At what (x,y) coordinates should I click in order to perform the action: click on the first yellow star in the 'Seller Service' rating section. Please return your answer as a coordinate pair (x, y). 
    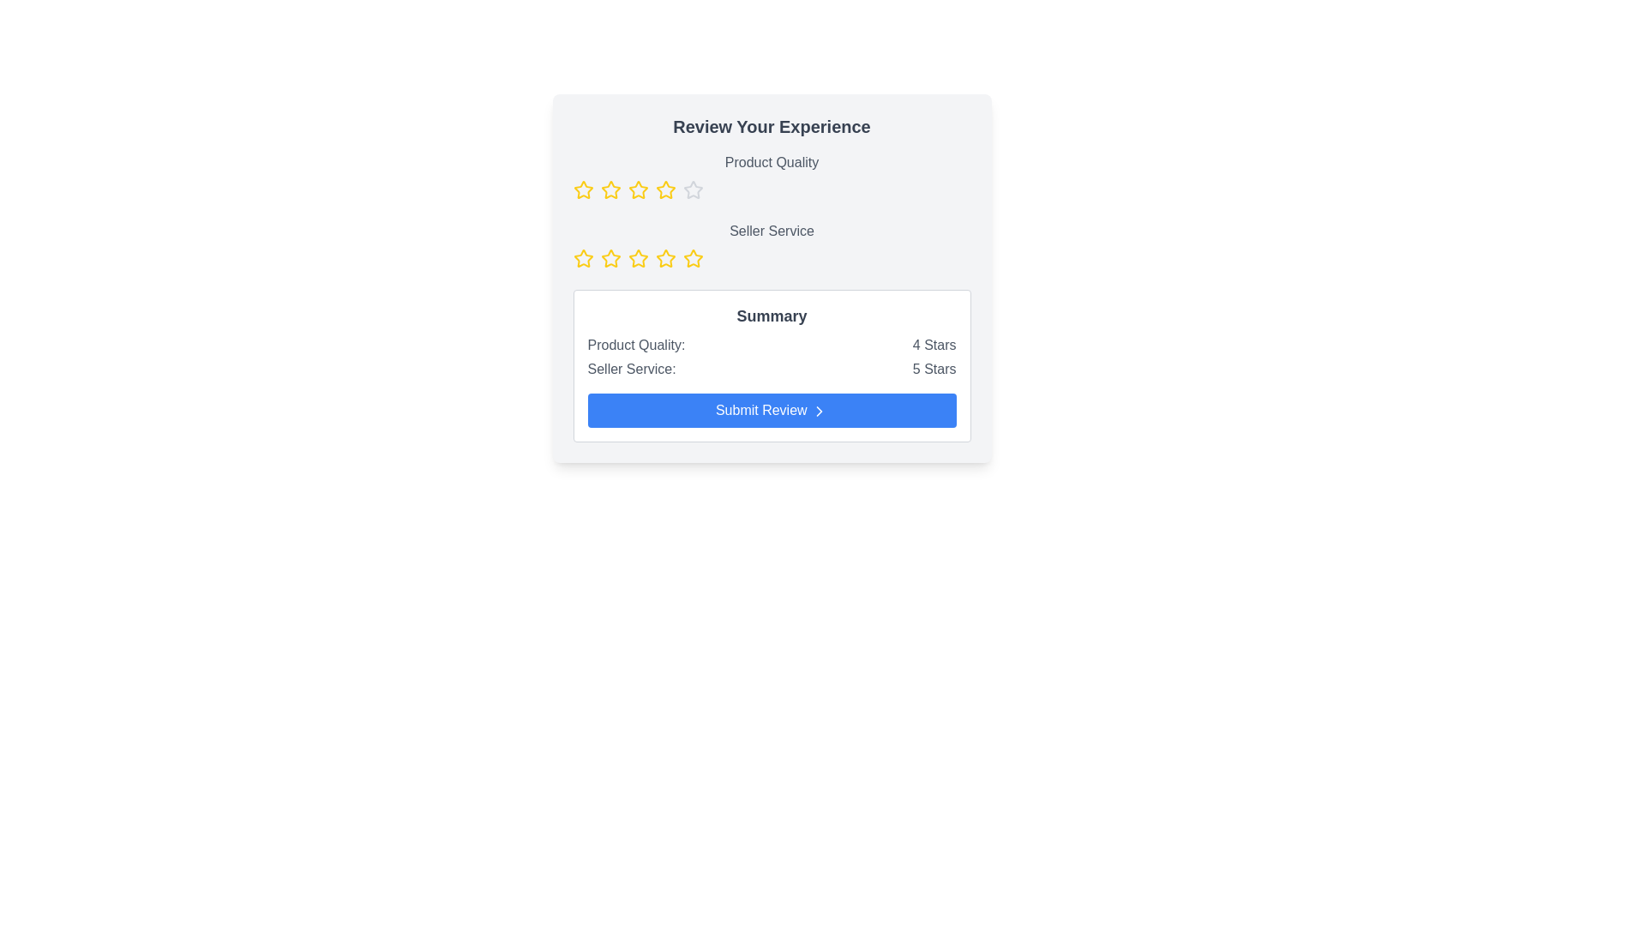
    Looking at the image, I should click on (583, 258).